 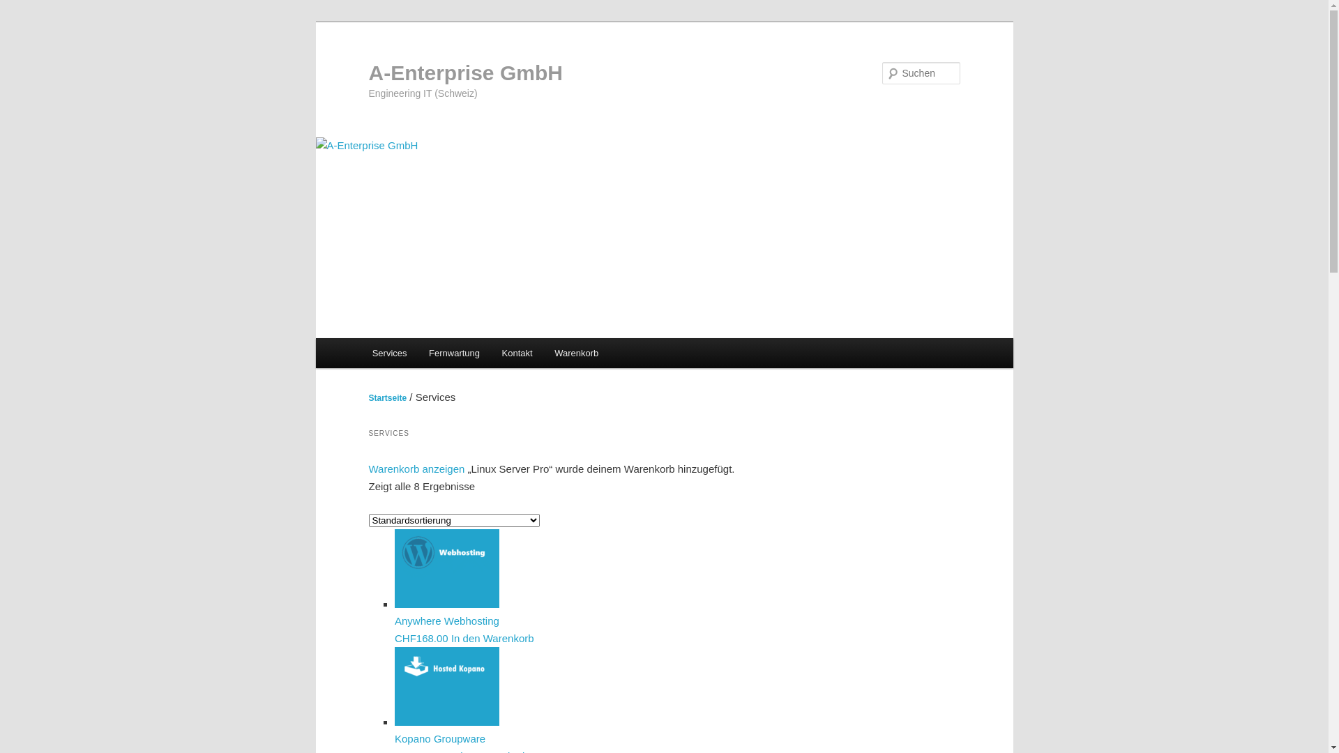 I want to click on 'Zum Inhalt wechseln', so click(x=21, y=21).